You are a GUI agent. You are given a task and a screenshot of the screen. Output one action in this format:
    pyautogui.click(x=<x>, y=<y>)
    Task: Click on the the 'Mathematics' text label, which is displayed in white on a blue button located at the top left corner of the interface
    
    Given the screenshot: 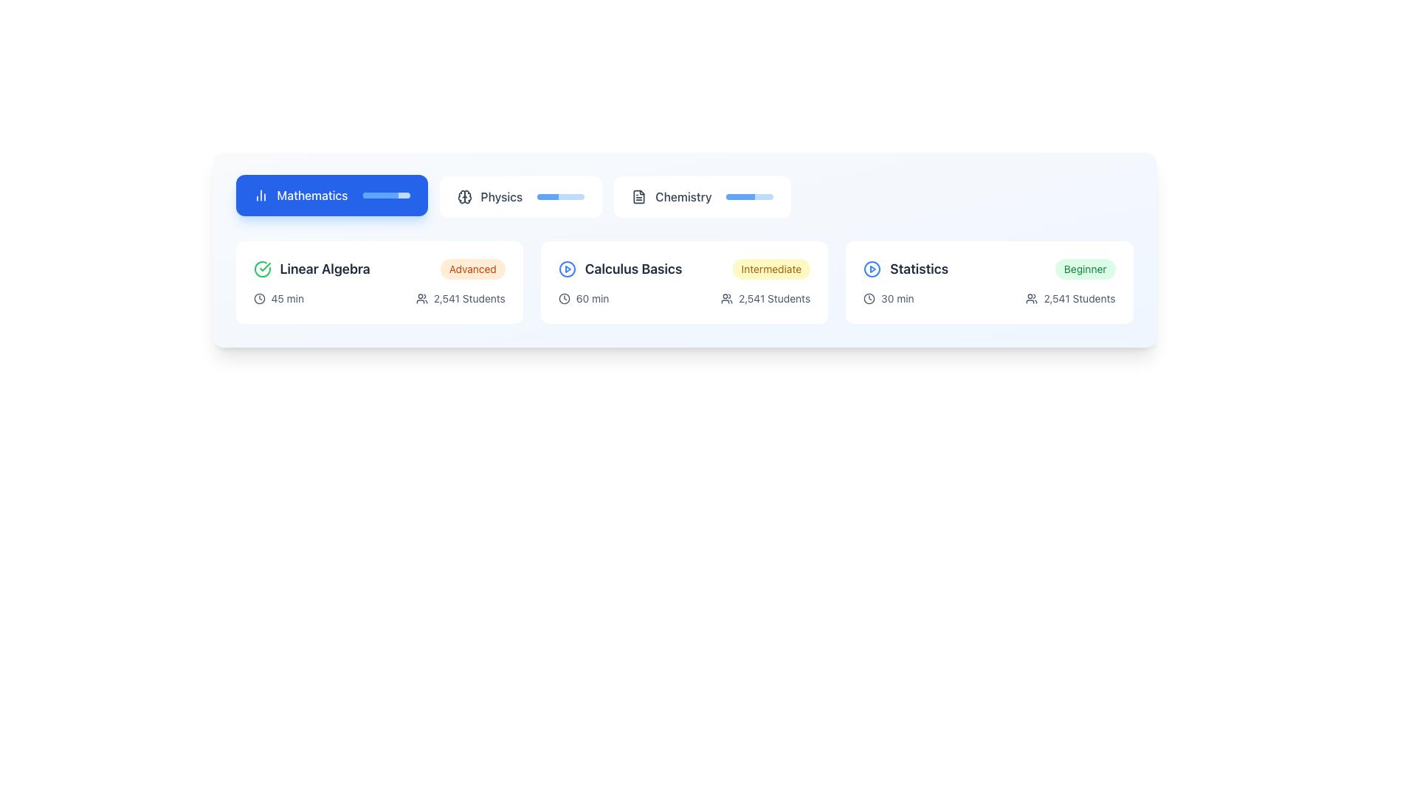 What is the action you would take?
    pyautogui.click(x=311, y=195)
    